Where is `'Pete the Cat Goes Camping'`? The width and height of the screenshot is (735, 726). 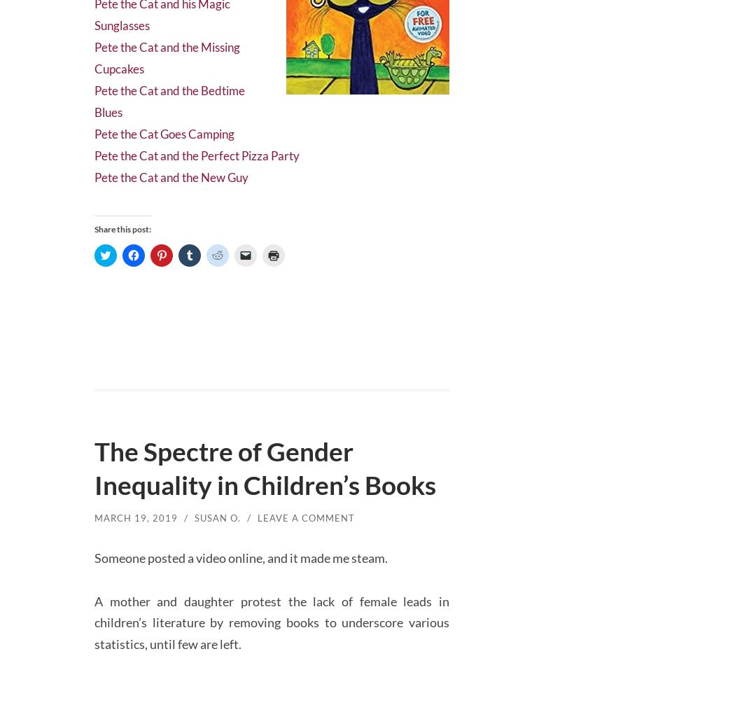
'Pete the Cat Goes Camping' is located at coordinates (168, 122).